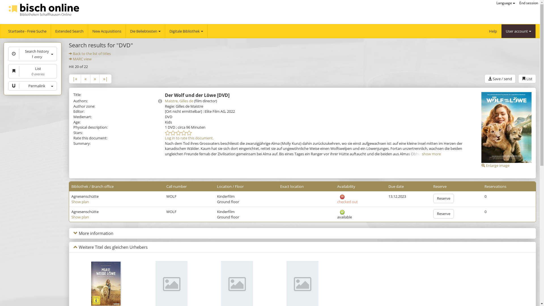 The width and height of the screenshot is (544, 306). Describe the element at coordinates (518, 31) in the screenshot. I see `'User account'` at that location.